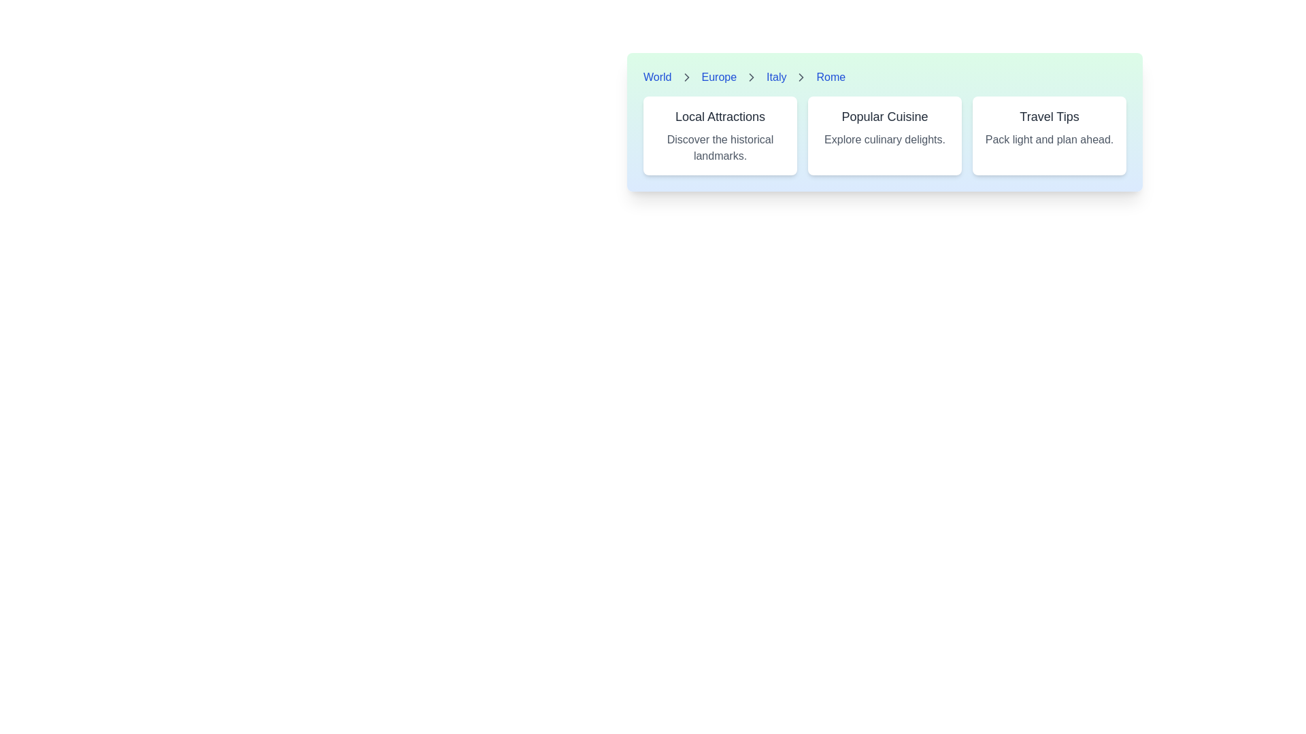 This screenshot has height=734, width=1306. What do you see at coordinates (884, 145) in the screenshot?
I see `the 'Popular Cuisine' card in the informative panel to read more about culinary delights` at bounding box center [884, 145].